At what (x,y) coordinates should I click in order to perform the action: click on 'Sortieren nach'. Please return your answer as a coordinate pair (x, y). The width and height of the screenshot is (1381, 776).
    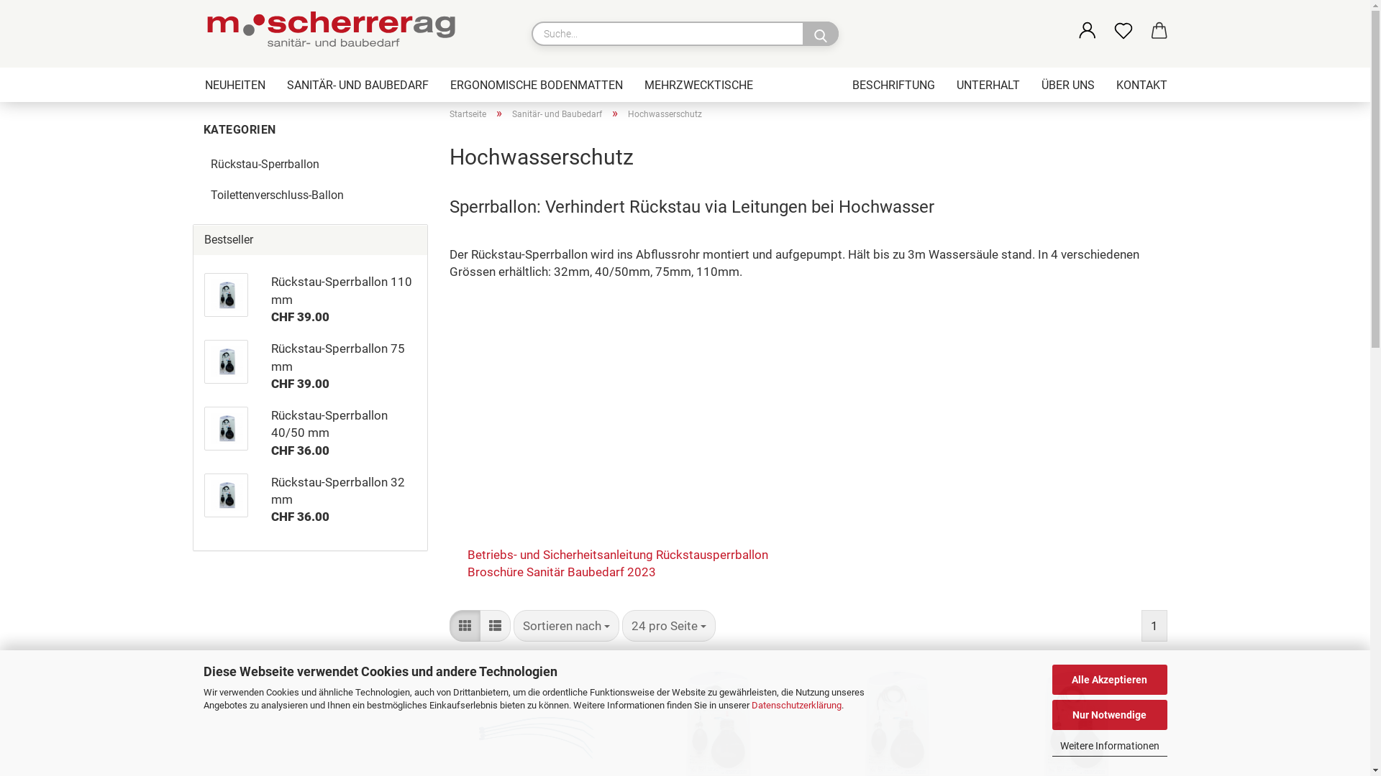
    Looking at the image, I should click on (565, 625).